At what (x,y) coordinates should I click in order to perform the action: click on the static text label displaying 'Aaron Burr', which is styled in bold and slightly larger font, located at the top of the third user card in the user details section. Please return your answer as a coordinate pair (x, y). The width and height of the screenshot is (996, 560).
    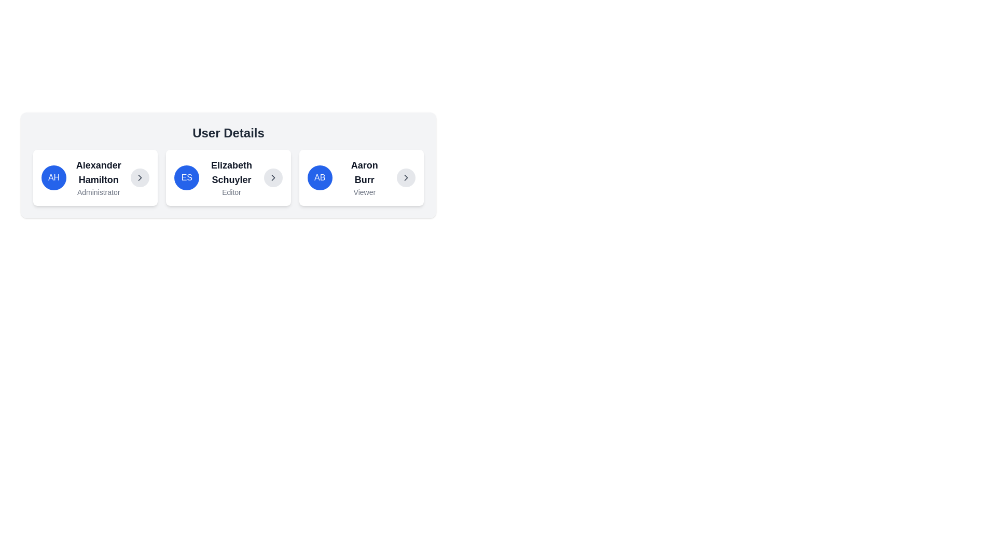
    Looking at the image, I should click on (364, 172).